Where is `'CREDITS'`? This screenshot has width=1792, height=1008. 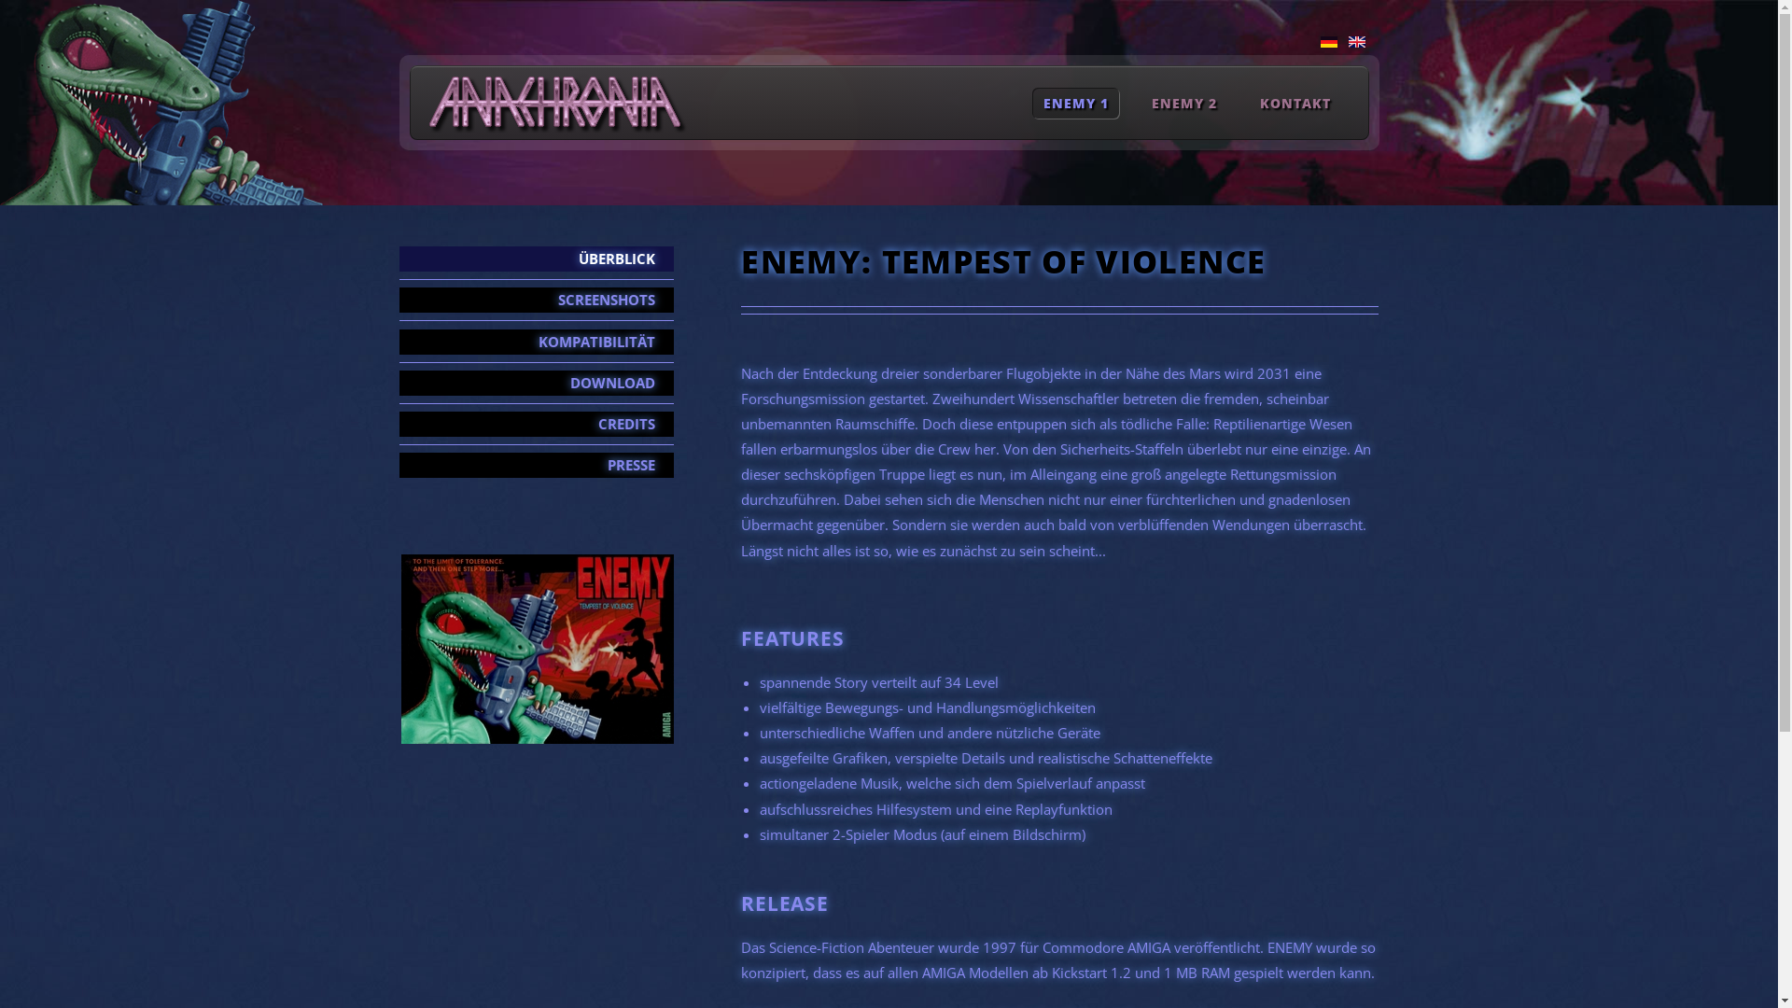
'CREDITS' is located at coordinates (536, 424).